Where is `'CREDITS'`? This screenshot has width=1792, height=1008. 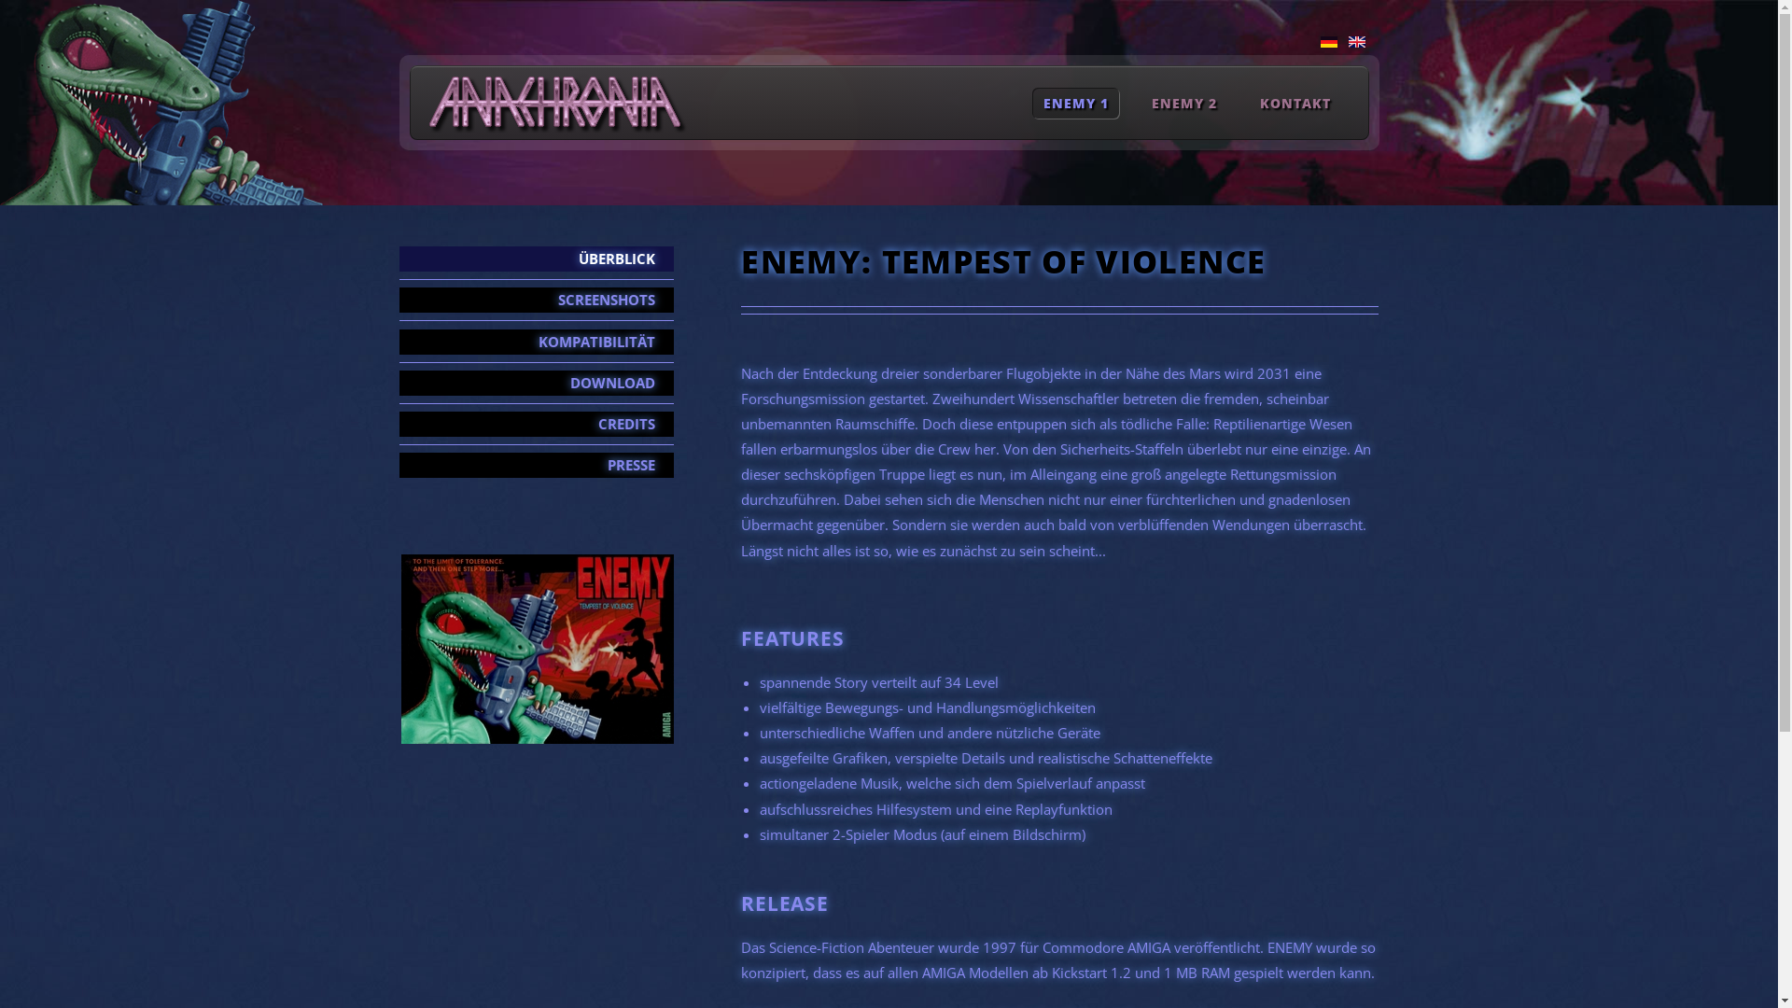
'CREDITS' is located at coordinates (536, 424).